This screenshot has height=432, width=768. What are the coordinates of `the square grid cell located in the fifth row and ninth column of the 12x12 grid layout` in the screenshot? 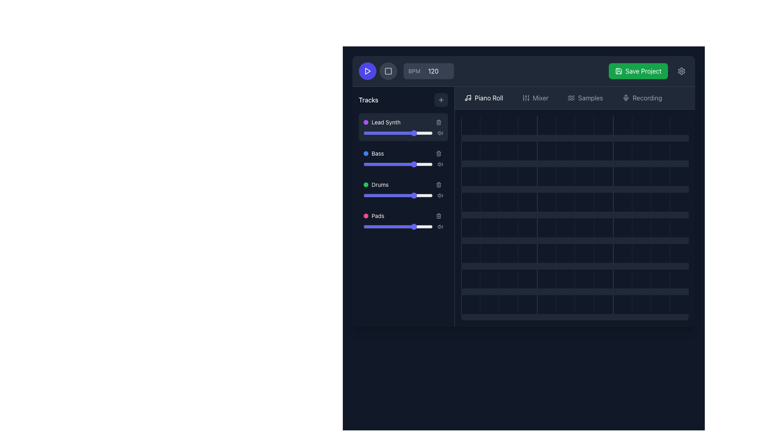 It's located at (622, 228).